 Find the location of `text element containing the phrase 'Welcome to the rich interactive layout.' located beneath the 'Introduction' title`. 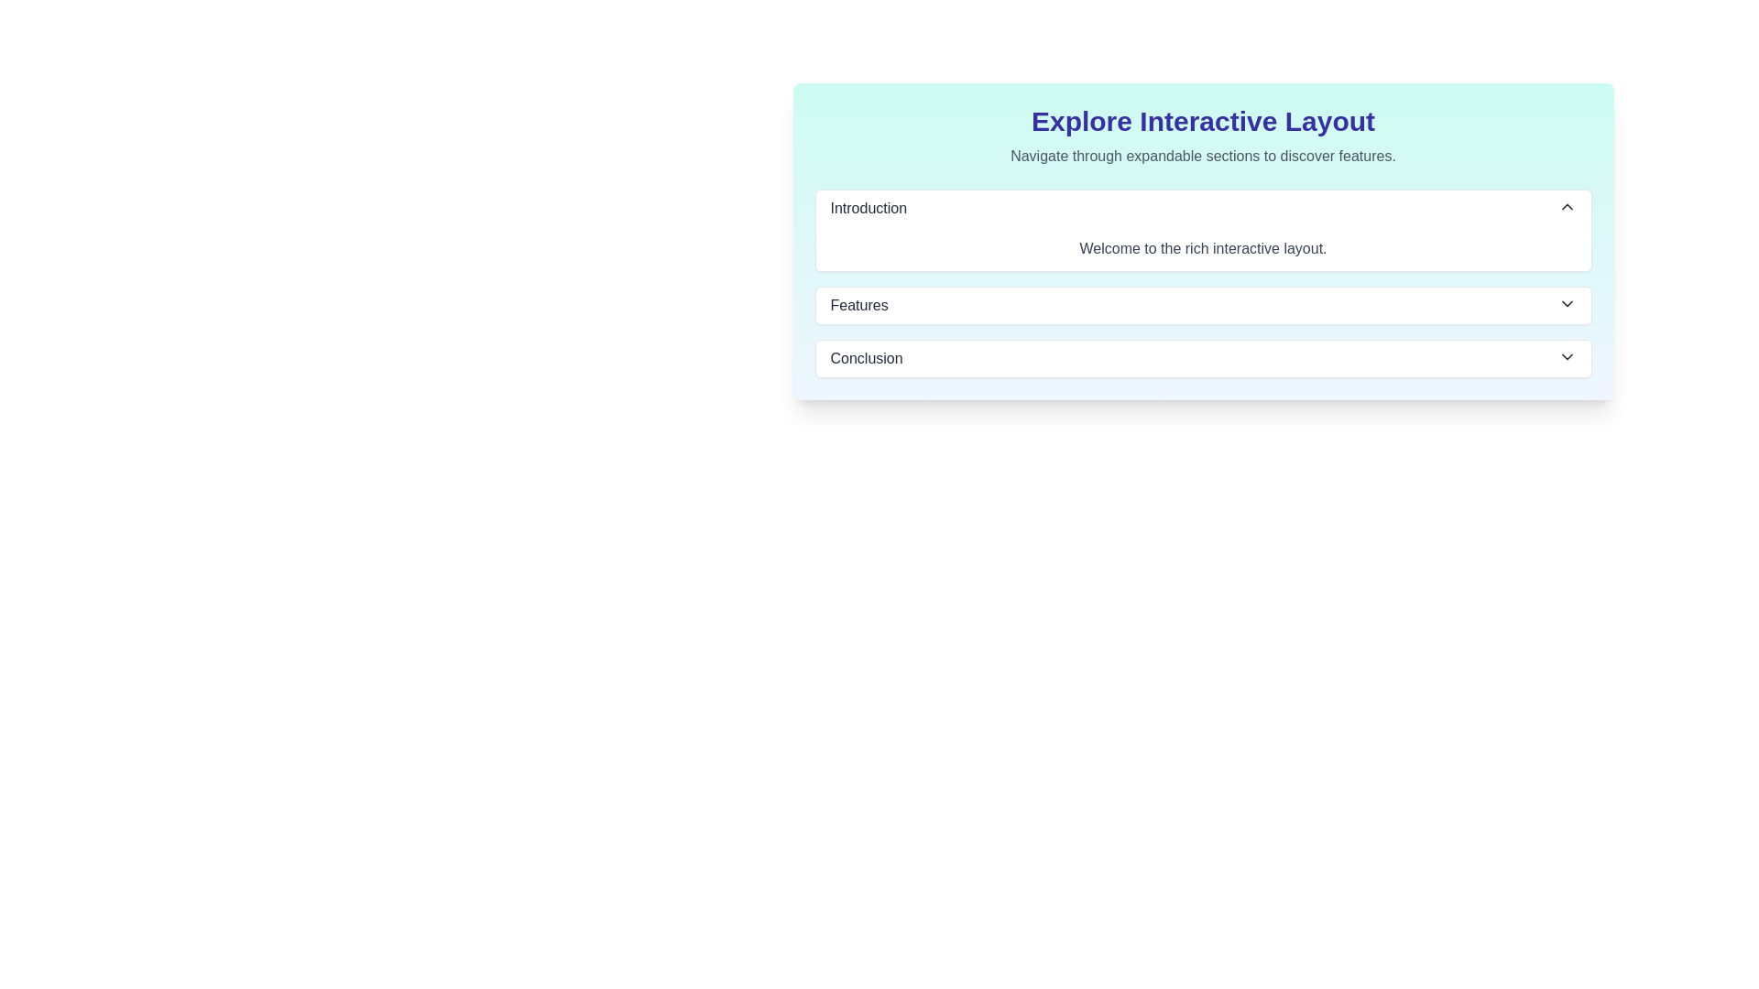

text element containing the phrase 'Welcome to the rich interactive layout.' located beneath the 'Introduction' title is located at coordinates (1203, 249).